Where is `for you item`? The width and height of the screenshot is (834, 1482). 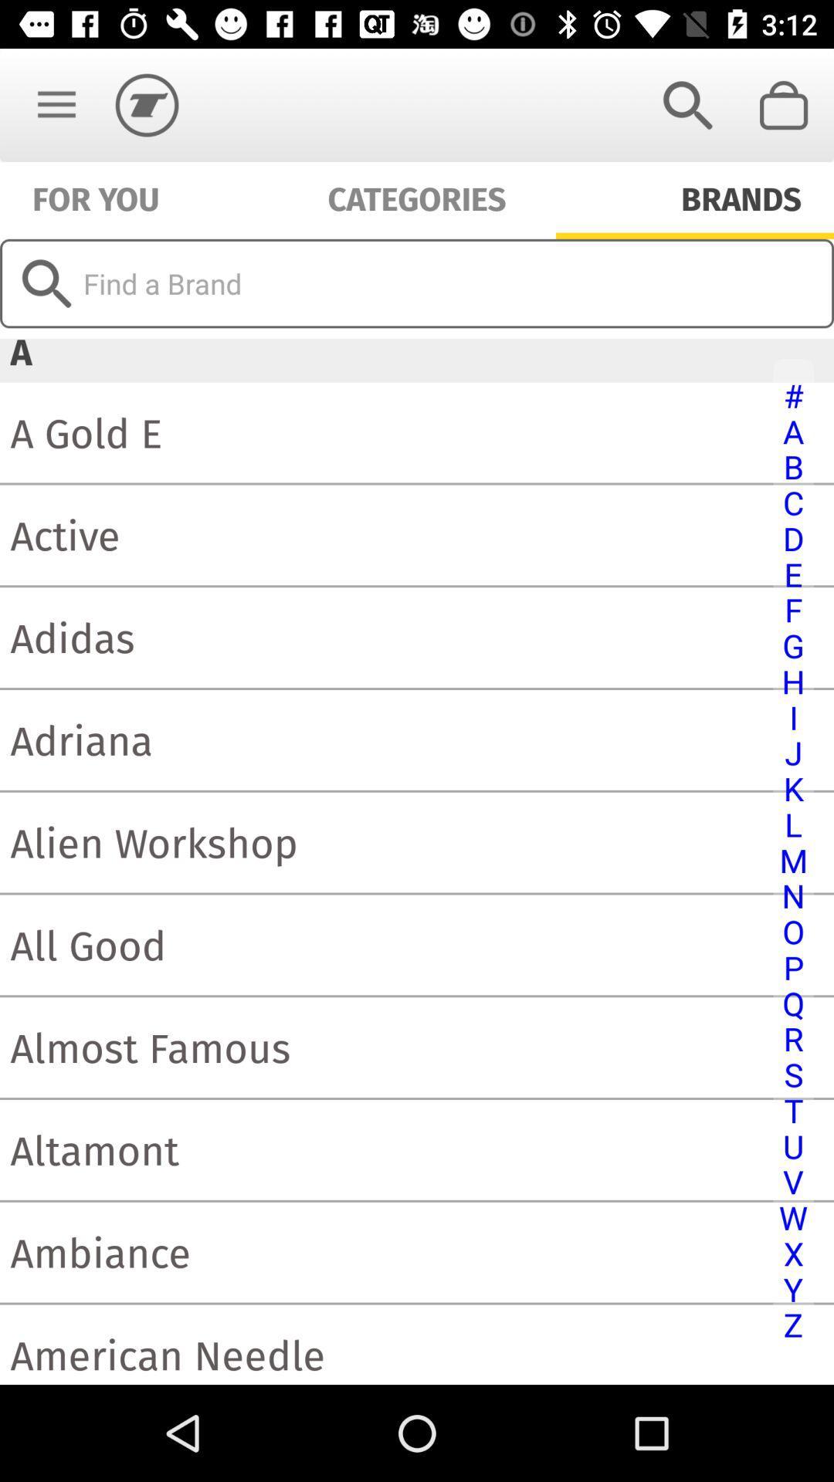 for you item is located at coordinates (96, 196).